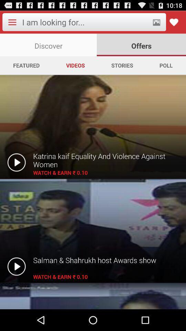 The image size is (186, 331). What do you see at coordinates (12, 22) in the screenshot?
I see `menu` at bounding box center [12, 22].